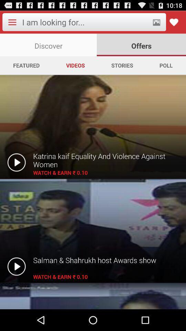 The image size is (186, 331). What do you see at coordinates (12, 22) in the screenshot?
I see `menu` at bounding box center [12, 22].